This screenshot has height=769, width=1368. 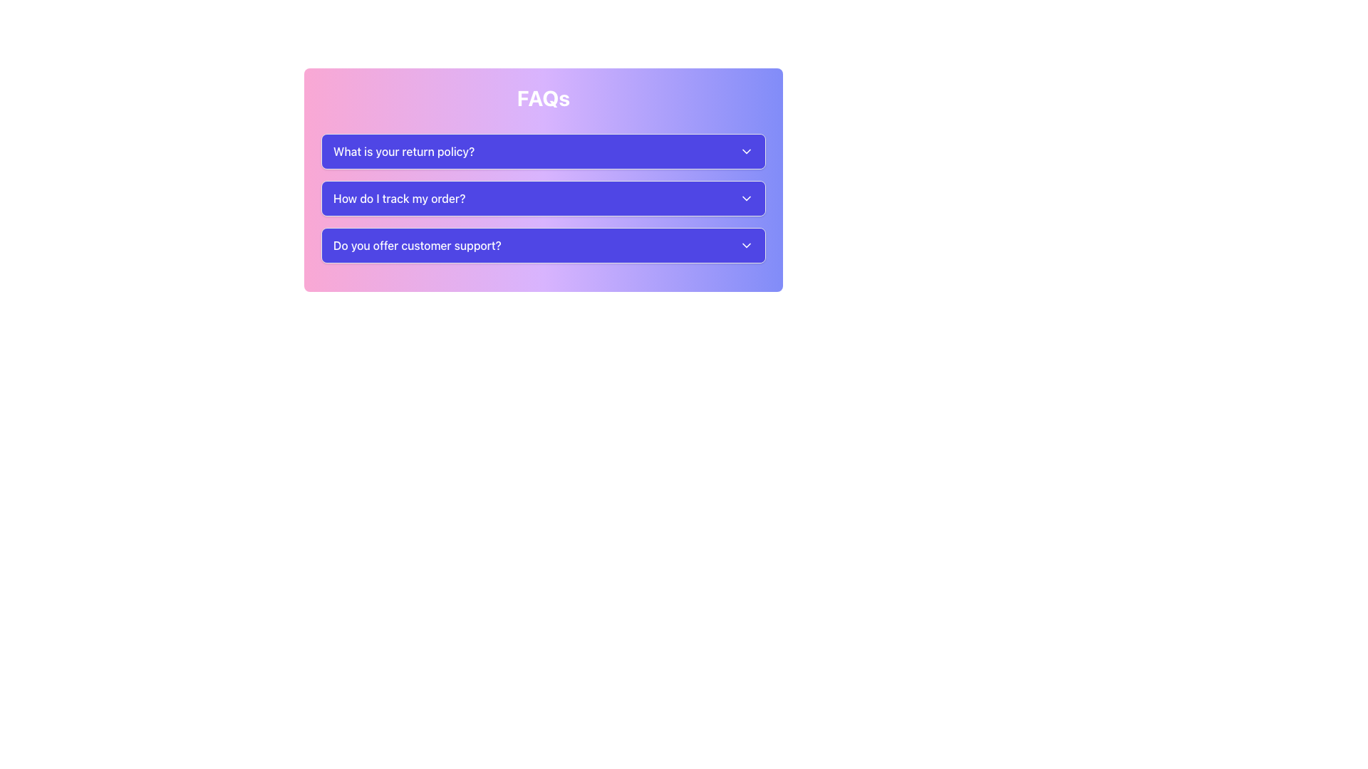 I want to click on the button labeled 'Do you offer customer support?' which is the third button in a vertically stacked list, so click(x=543, y=244).